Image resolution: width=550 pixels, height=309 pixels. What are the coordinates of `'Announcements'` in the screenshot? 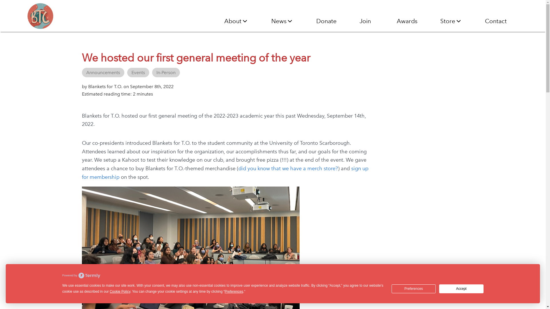 It's located at (103, 72).